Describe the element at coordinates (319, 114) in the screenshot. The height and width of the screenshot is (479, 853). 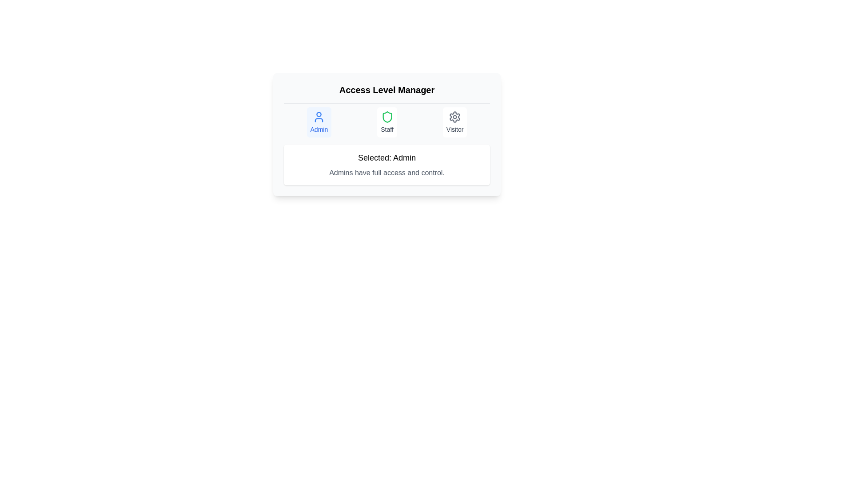
I see `the circular graphical component that represents the head in the user profile icon, which is part of an SVG illustration and is the first of three icons below the 'Access Level Manager' heading` at that location.